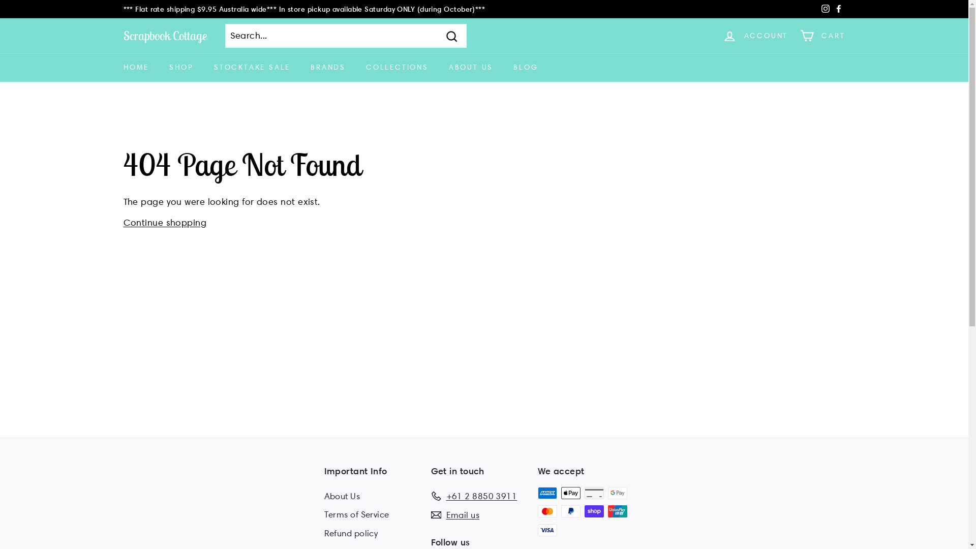 The width and height of the screenshot is (976, 549). Describe the element at coordinates (825, 9) in the screenshot. I see `'Instagram'` at that location.